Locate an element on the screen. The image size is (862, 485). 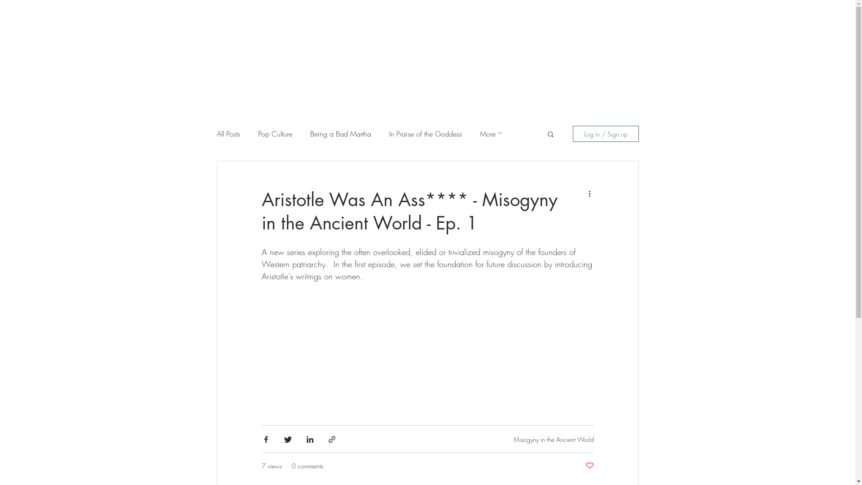
'Pop Culture' is located at coordinates (274, 133).